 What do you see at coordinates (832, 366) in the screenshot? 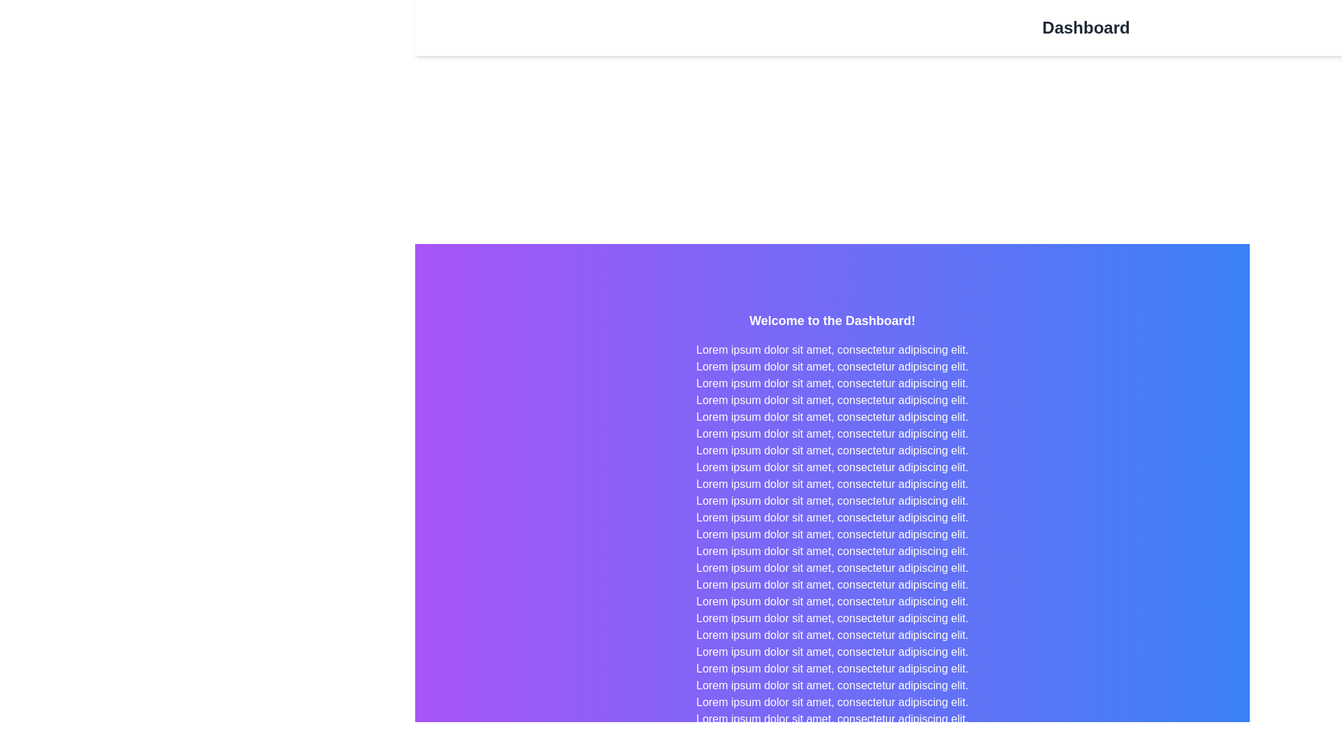
I see `the static text that reads 'Lorem ipsum dolor sit amet, consectetur adipiscing elit.' which is styled in white text on a purple-to-blue gradient background, located as the third row under the heading 'Welcome to the Dashboard!'` at bounding box center [832, 366].